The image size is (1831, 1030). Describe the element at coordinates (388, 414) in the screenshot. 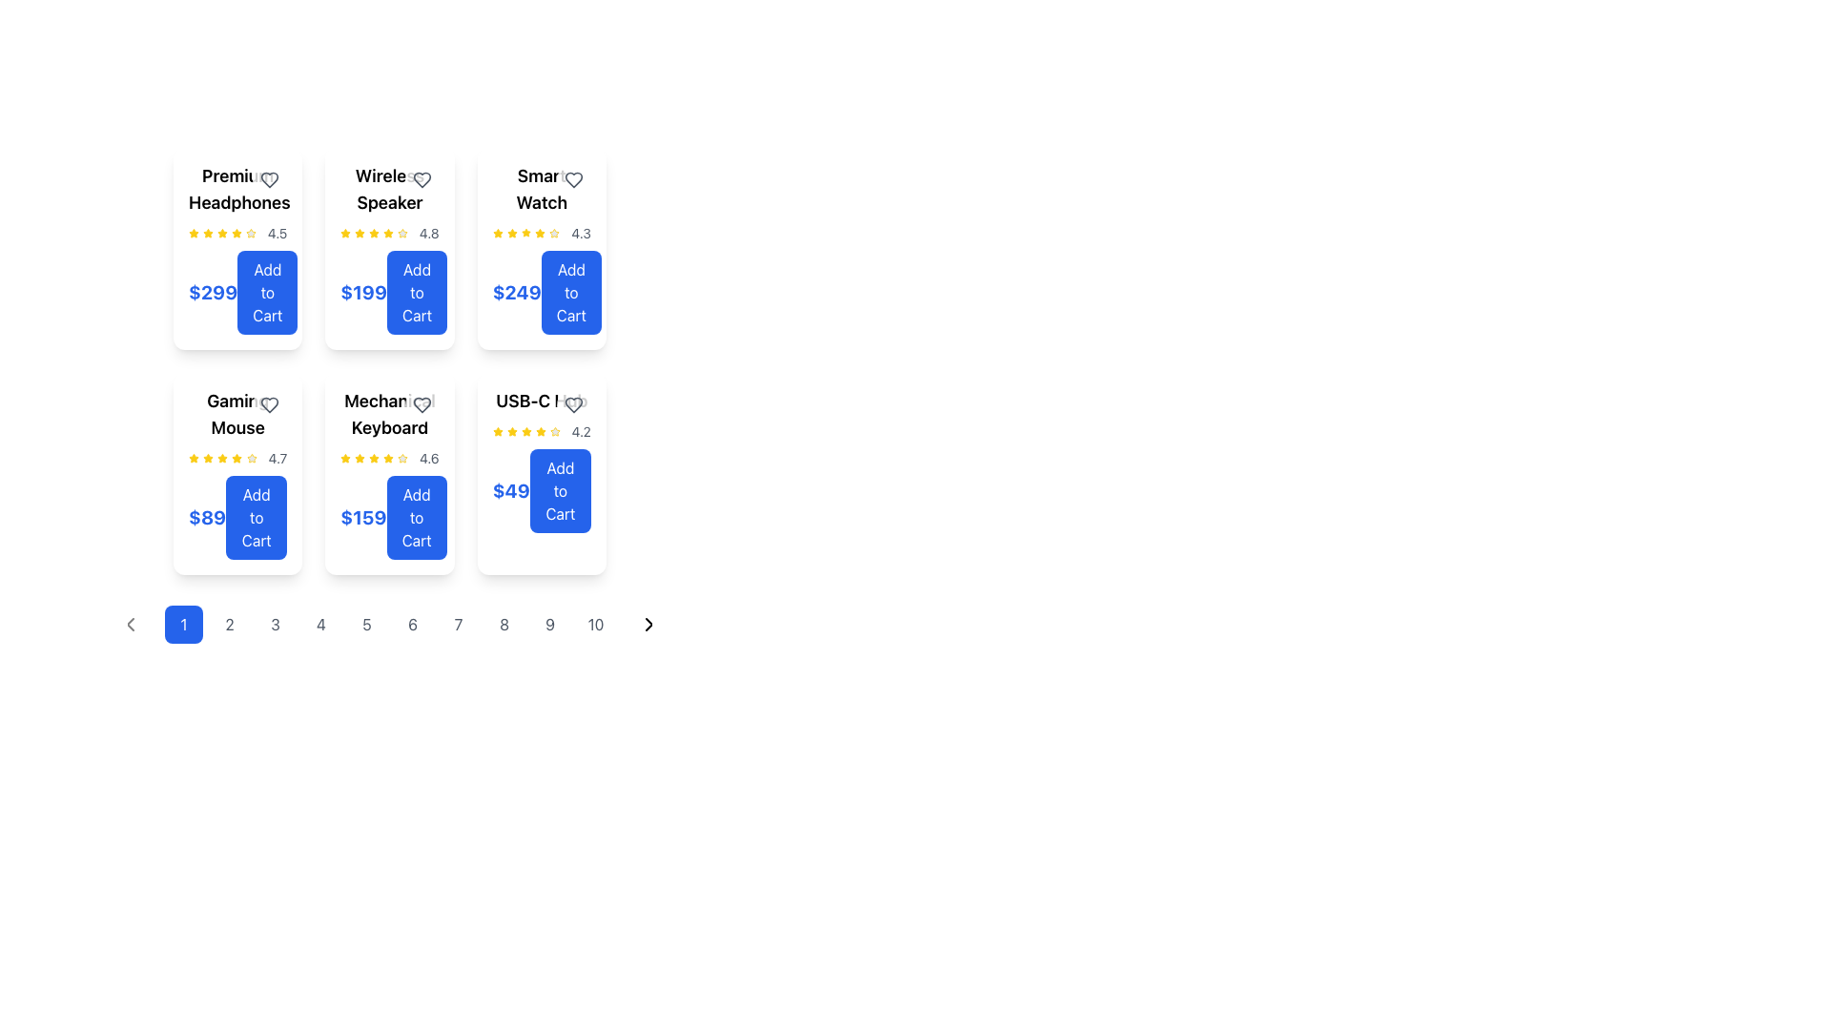

I see `product title displayed in the text heading component located near the upper center of the product card, which is the second card in the second row of the grid layout` at that location.